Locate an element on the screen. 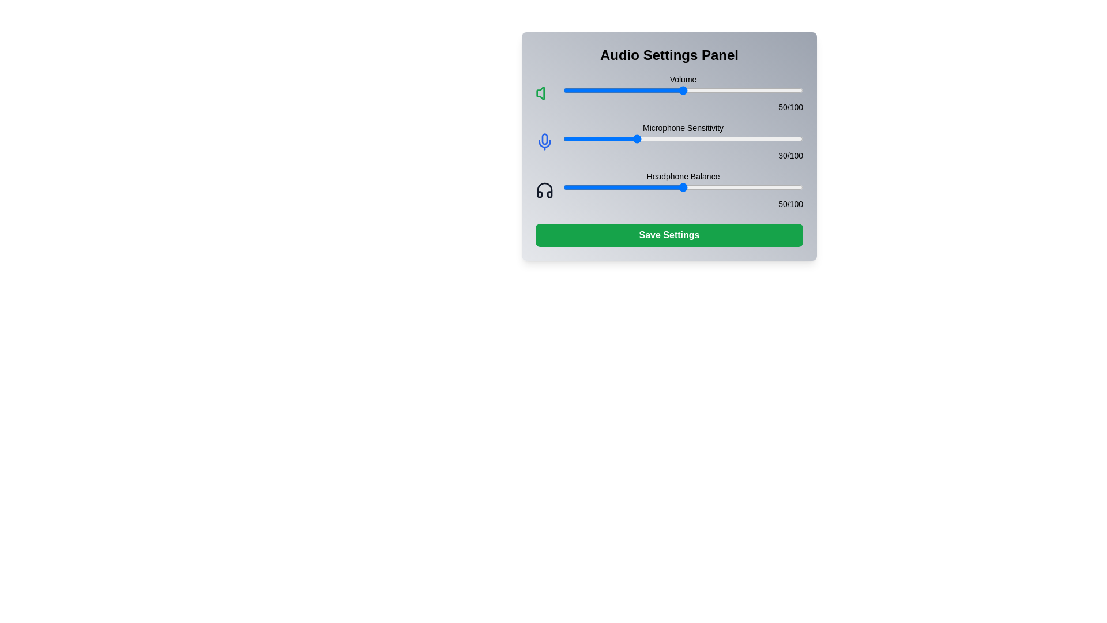 This screenshot has height=623, width=1107. microphone sensitivity is located at coordinates (758, 138).